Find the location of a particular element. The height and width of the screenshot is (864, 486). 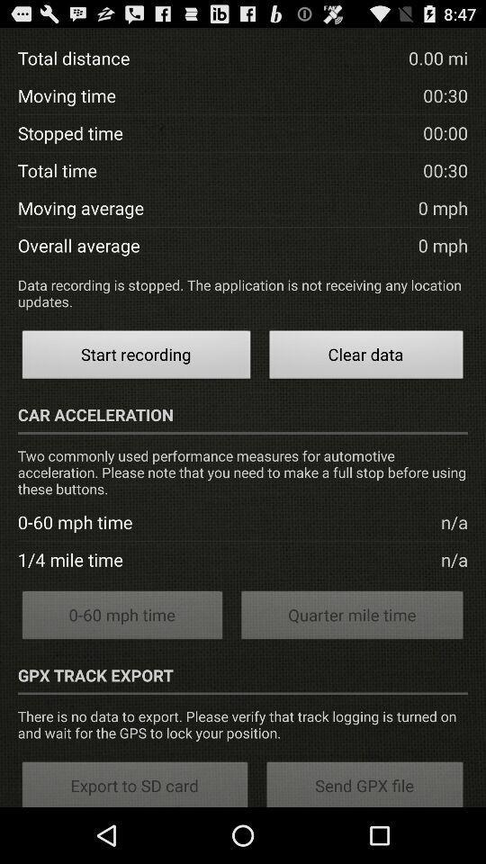

the send gpx file icon is located at coordinates (364, 782).